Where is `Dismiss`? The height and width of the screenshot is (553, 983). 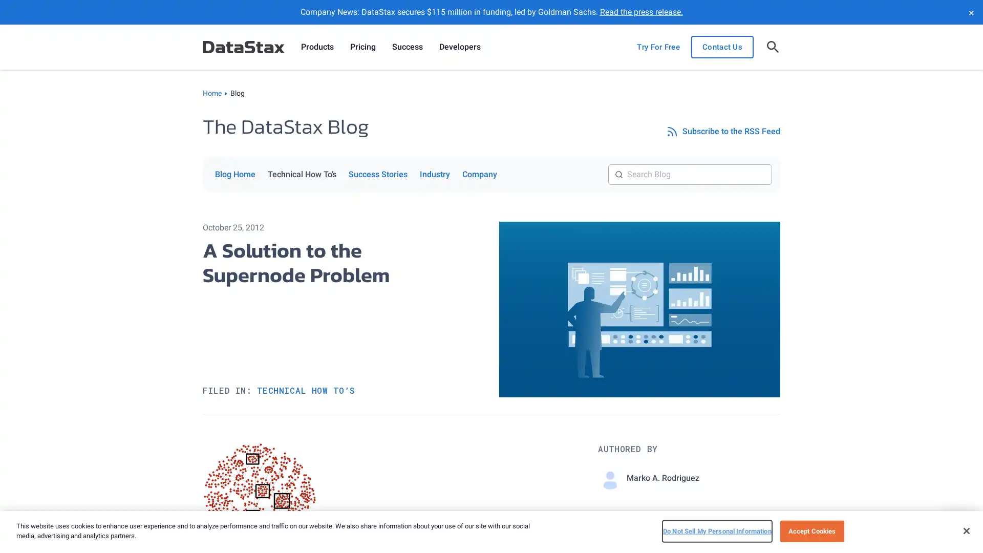 Dismiss is located at coordinates (970, 12).